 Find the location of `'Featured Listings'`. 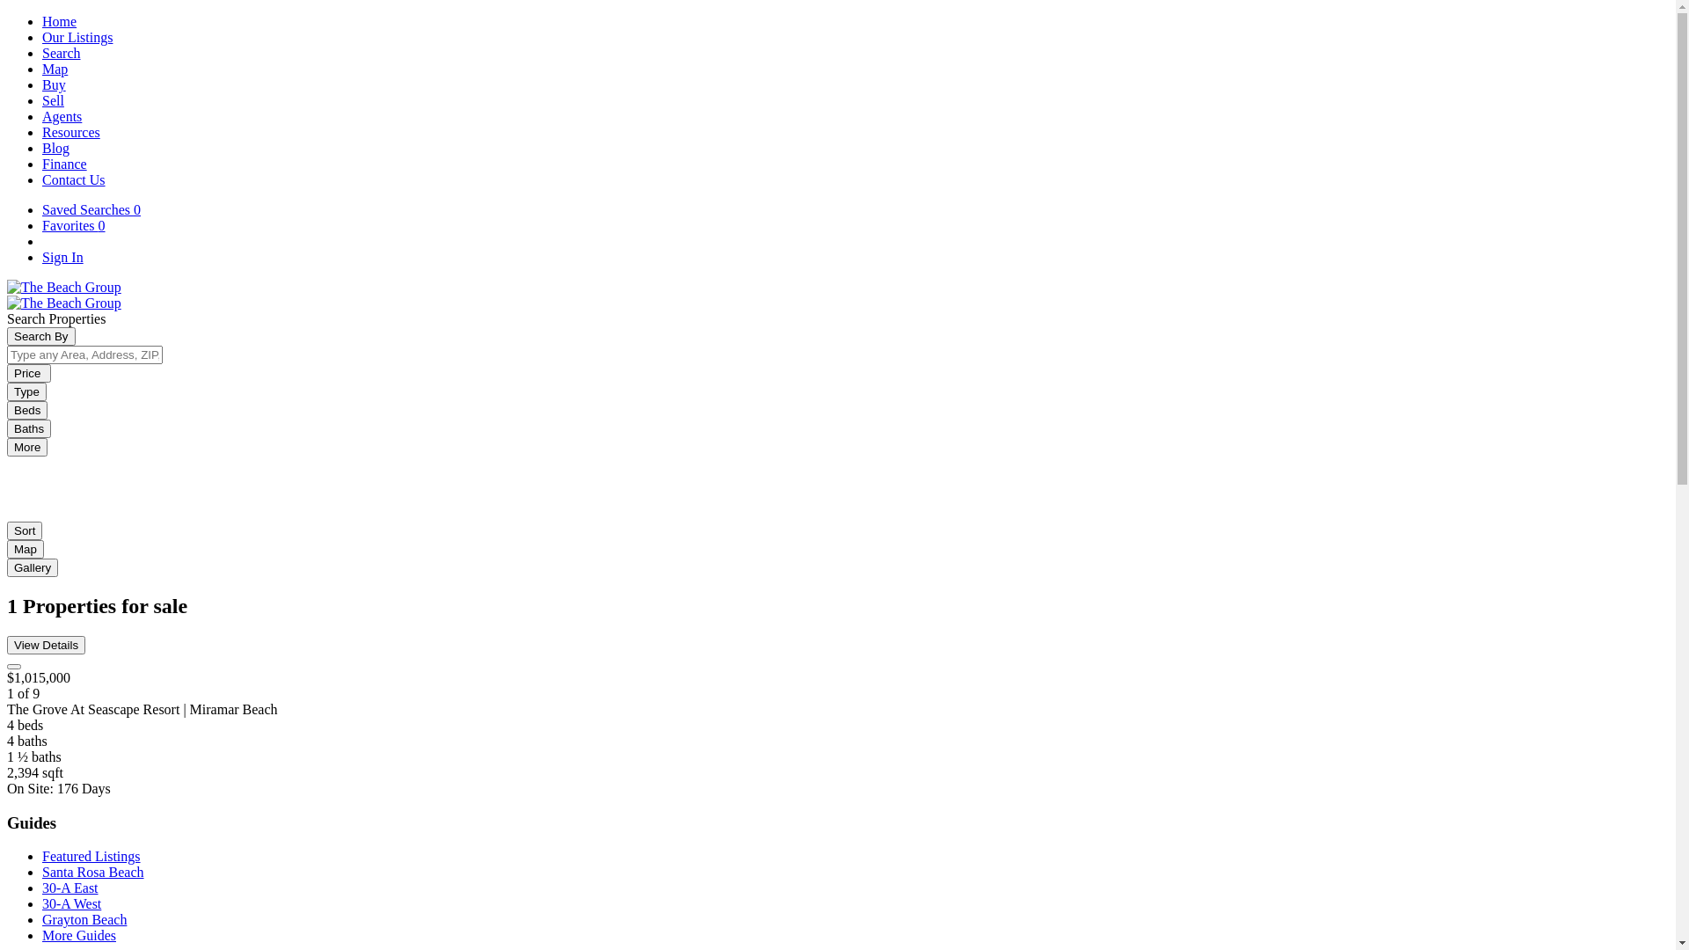

'Featured Listings' is located at coordinates (42, 855).